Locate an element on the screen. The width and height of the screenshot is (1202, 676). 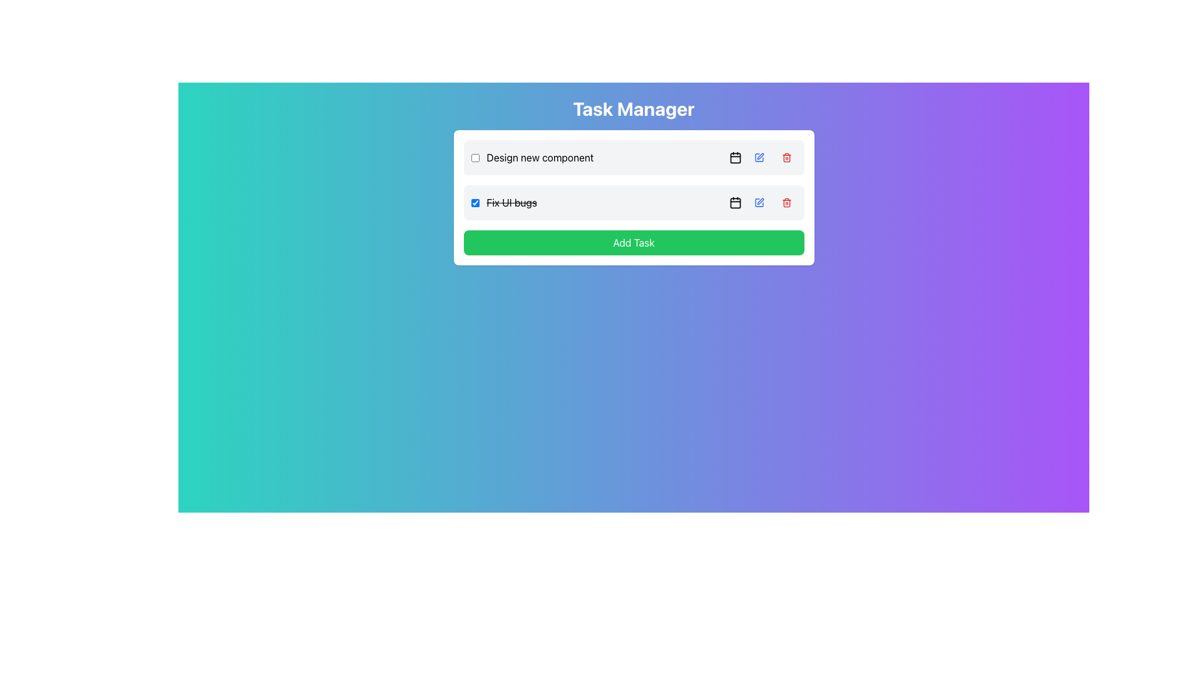
the checkbox located in the top-left corner of the first task entry, aligned with the text 'Design new component' is located at coordinates (474, 156).